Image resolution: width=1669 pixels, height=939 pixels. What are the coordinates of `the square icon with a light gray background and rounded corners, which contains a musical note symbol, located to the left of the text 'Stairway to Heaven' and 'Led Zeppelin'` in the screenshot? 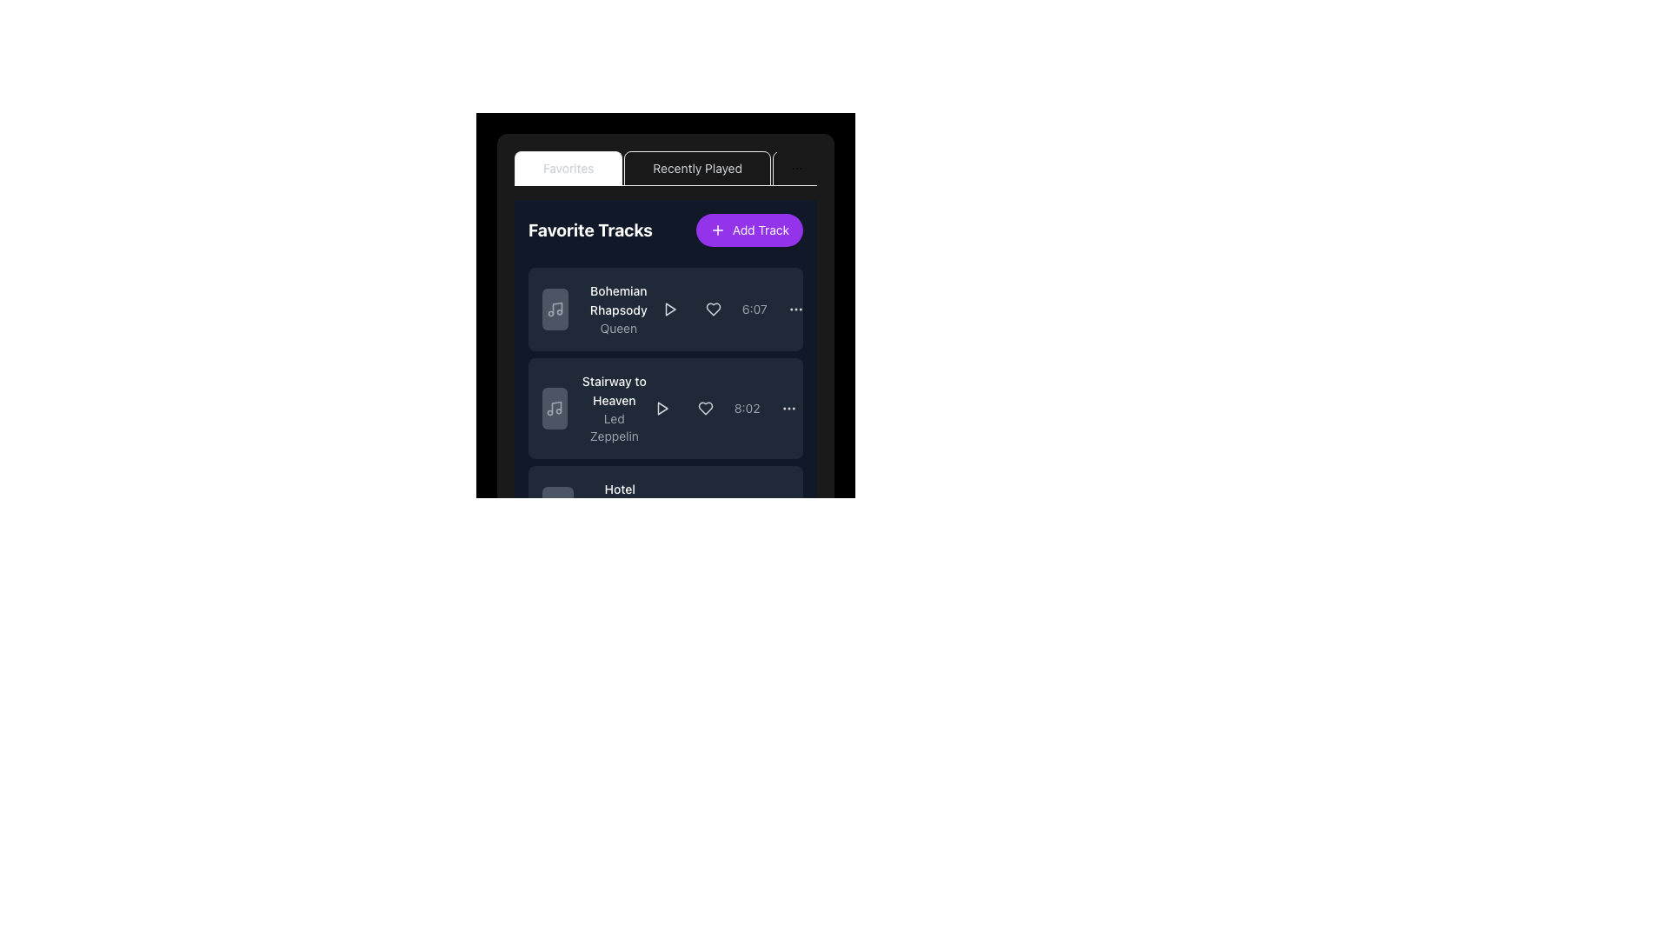 It's located at (554, 409).